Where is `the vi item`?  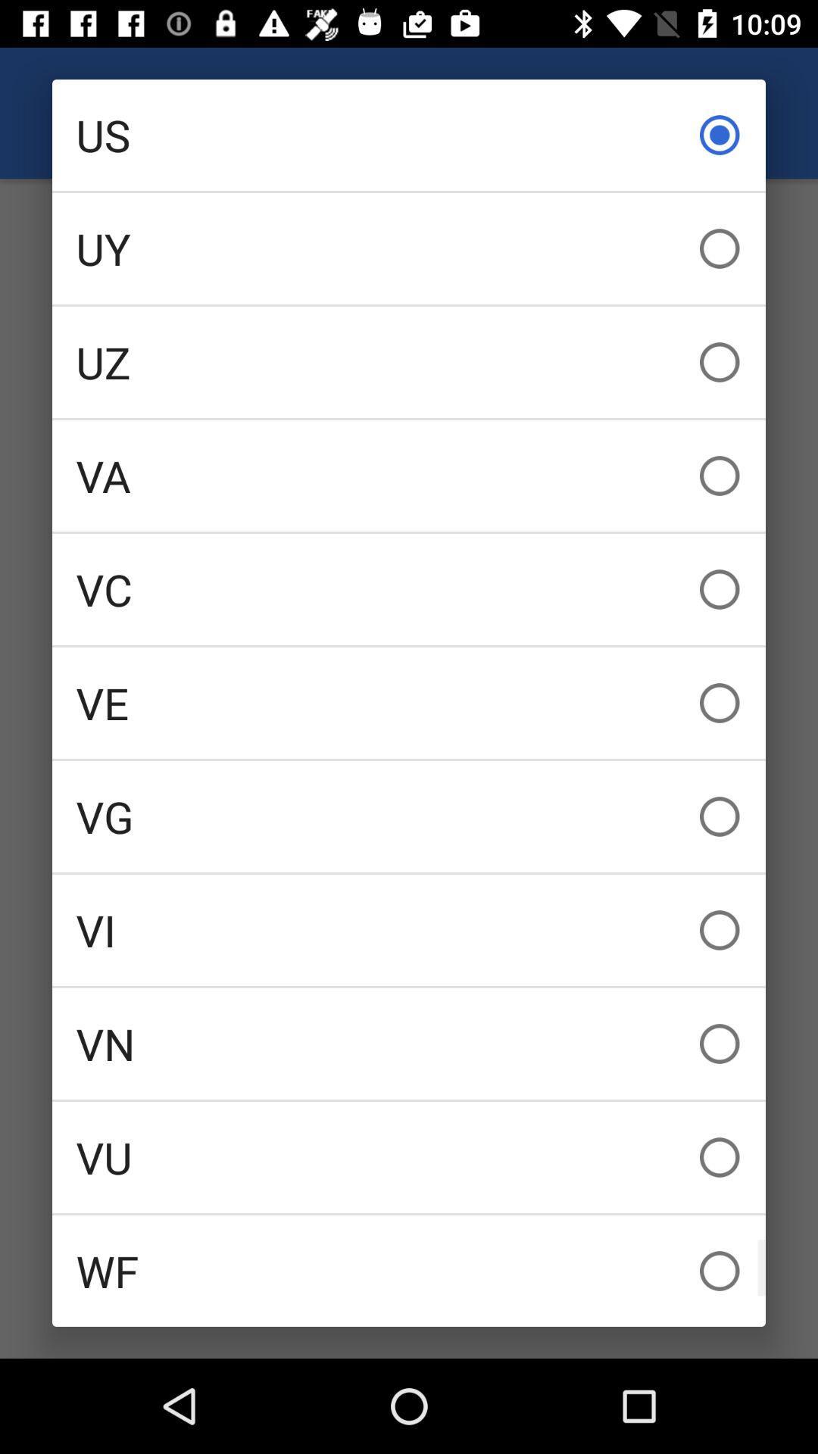
the vi item is located at coordinates (409, 929).